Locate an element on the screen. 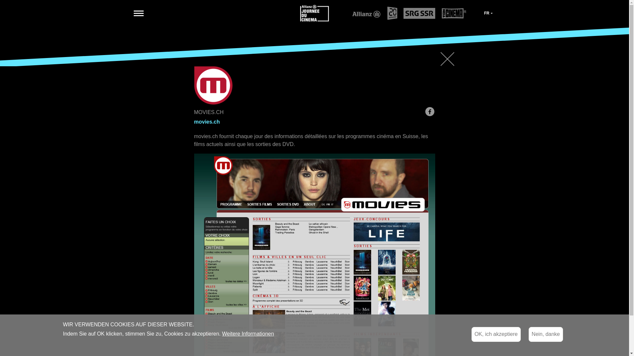 The height and width of the screenshot is (356, 634). 'OK, ich akzeptiere' is located at coordinates (496, 334).